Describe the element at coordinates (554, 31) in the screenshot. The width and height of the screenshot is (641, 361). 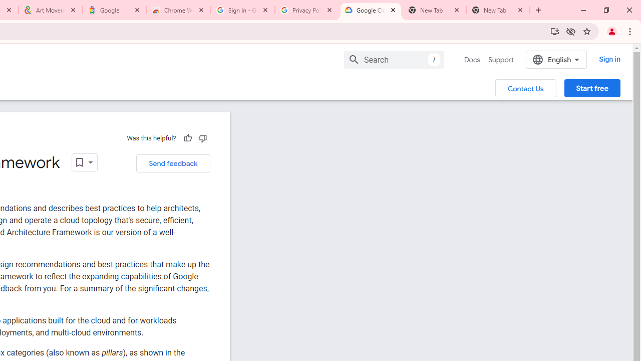
I see `'Install Google Cloud'` at that location.